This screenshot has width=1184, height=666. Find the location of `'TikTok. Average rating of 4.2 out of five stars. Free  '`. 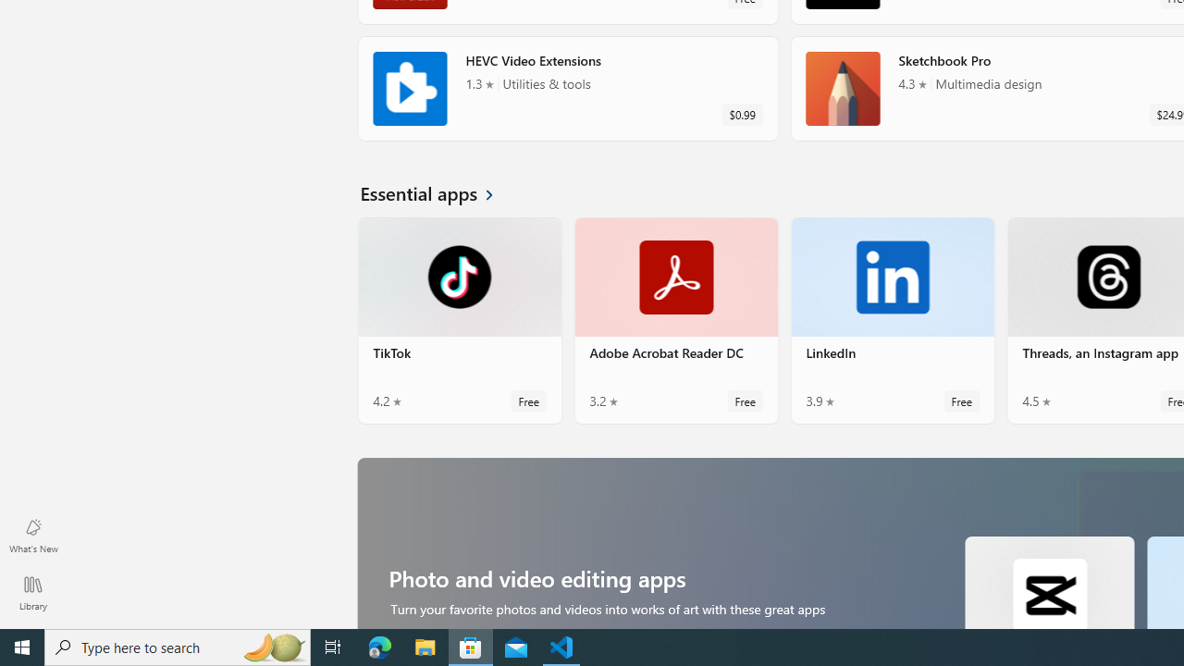

'TikTok. Average rating of 4.2 out of five stars. Free  ' is located at coordinates (460, 320).